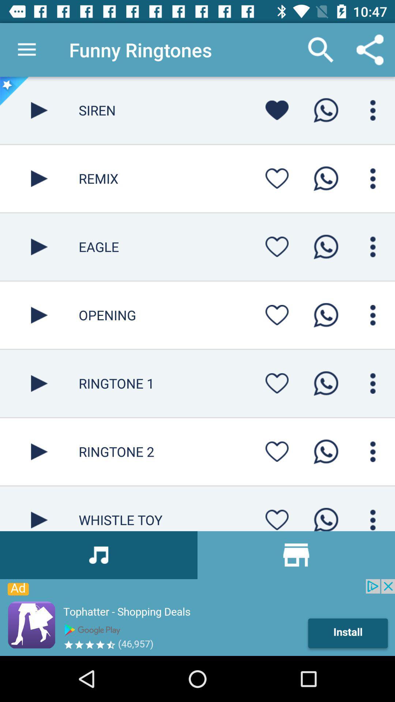  Describe the element at coordinates (373, 451) in the screenshot. I see `options and settings` at that location.